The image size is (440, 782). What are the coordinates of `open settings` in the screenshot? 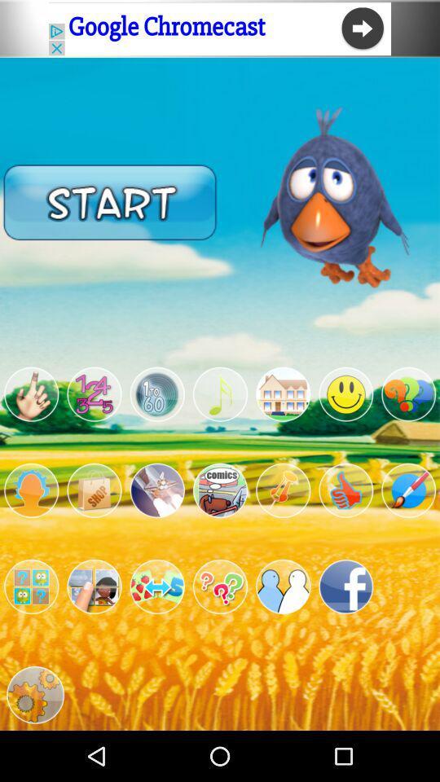 It's located at (35, 694).